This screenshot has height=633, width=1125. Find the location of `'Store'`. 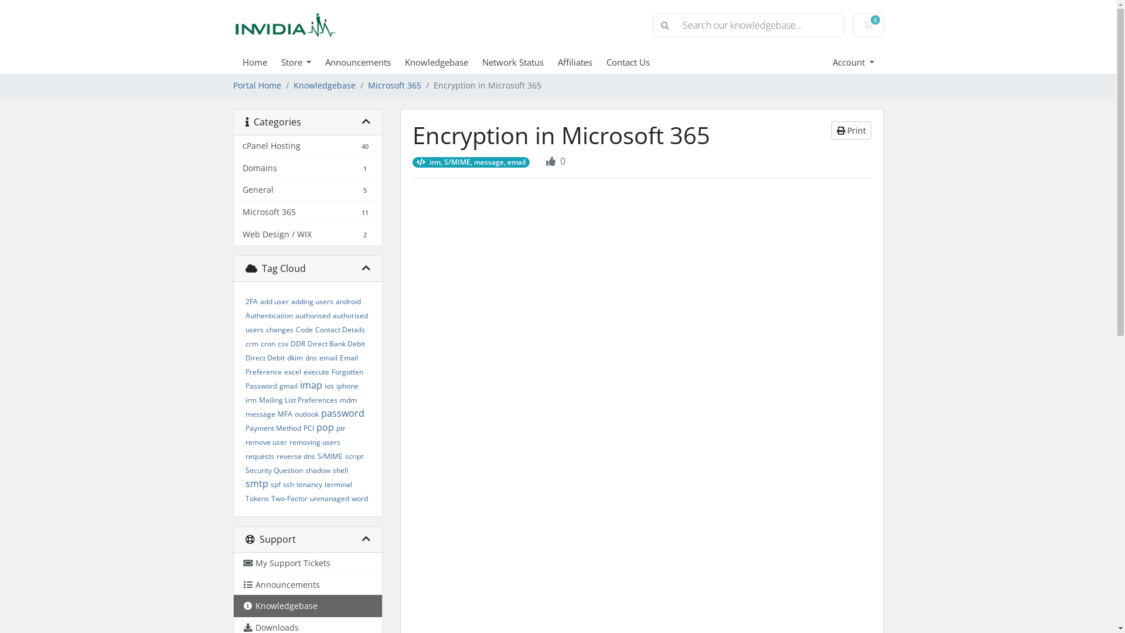

'Store' is located at coordinates (281, 62).